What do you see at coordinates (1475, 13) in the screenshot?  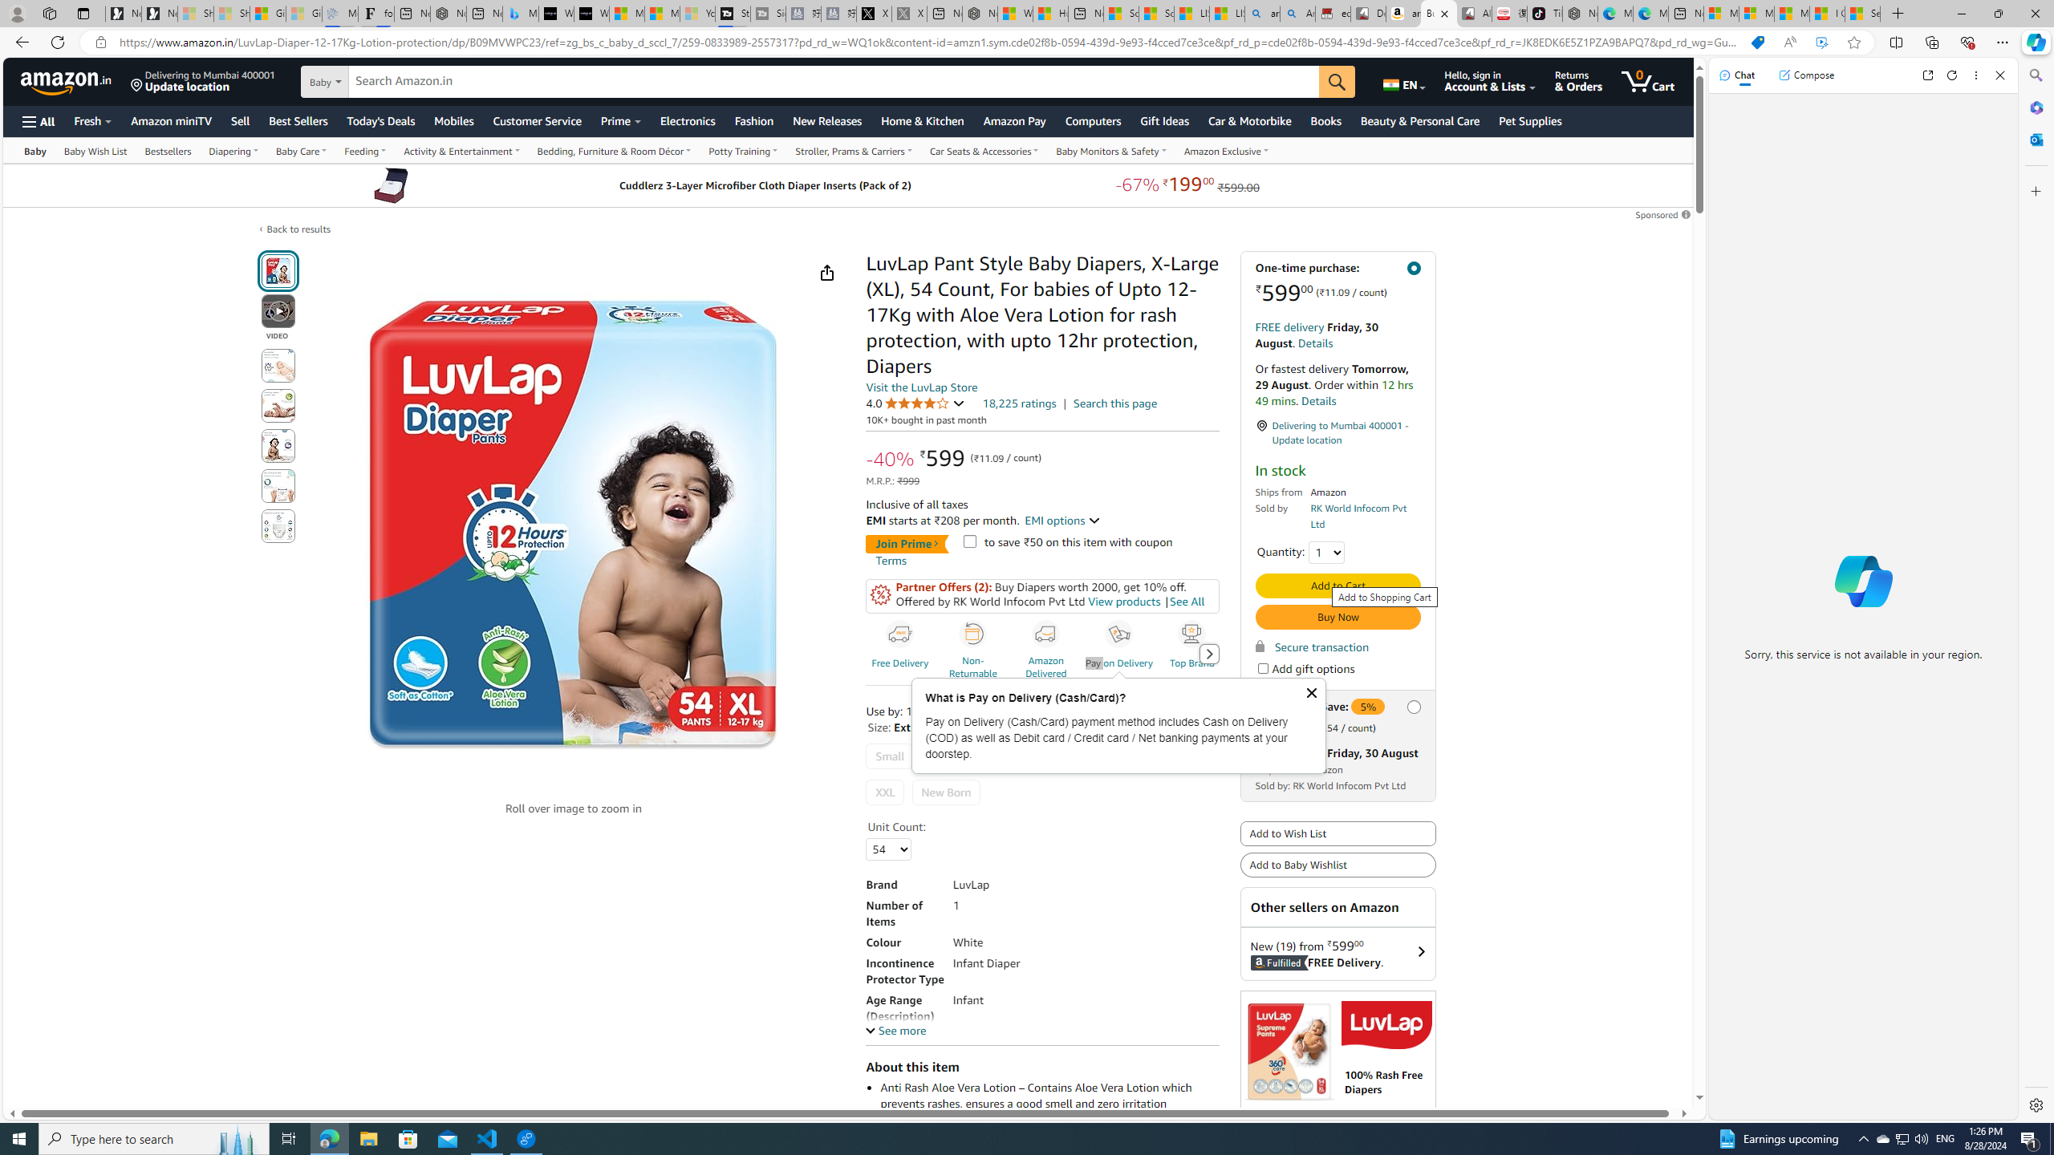 I see `'All Cubot phones'` at bounding box center [1475, 13].